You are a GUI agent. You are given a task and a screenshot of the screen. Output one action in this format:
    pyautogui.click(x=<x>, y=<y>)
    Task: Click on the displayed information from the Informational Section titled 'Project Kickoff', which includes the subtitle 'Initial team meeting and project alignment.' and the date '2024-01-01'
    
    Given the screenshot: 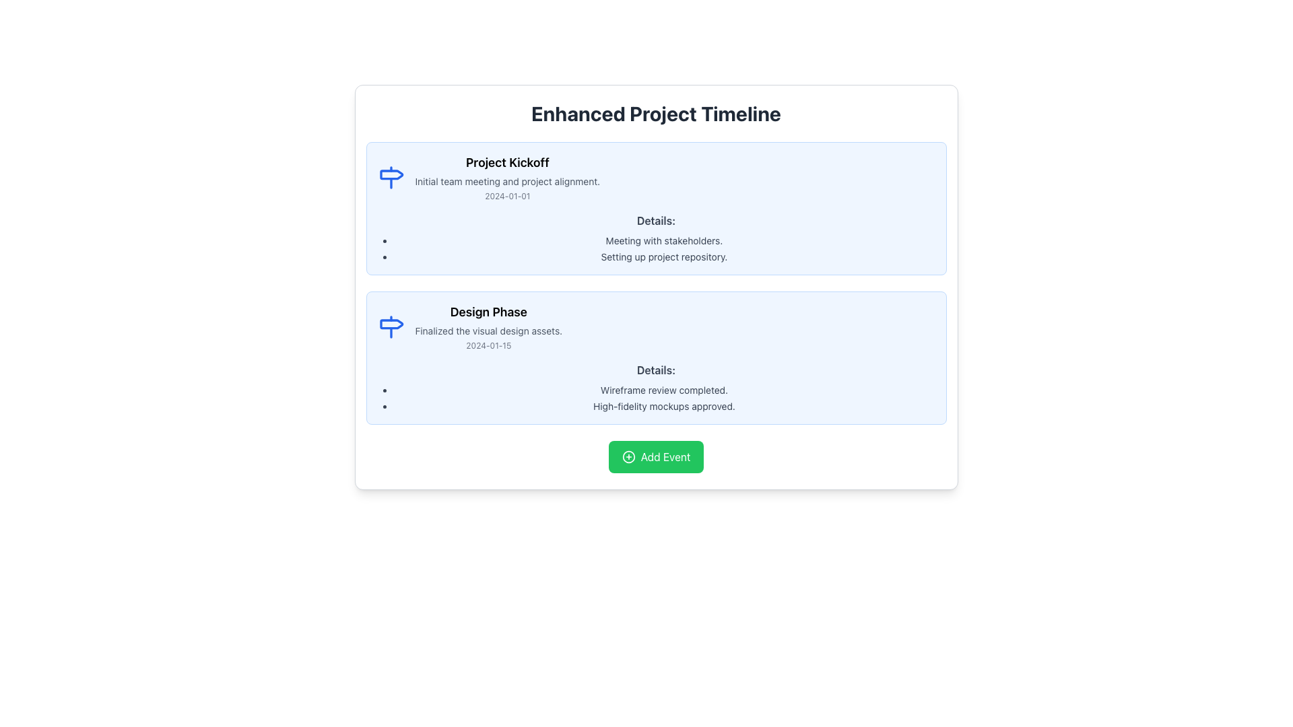 What is the action you would take?
    pyautogui.click(x=656, y=176)
    